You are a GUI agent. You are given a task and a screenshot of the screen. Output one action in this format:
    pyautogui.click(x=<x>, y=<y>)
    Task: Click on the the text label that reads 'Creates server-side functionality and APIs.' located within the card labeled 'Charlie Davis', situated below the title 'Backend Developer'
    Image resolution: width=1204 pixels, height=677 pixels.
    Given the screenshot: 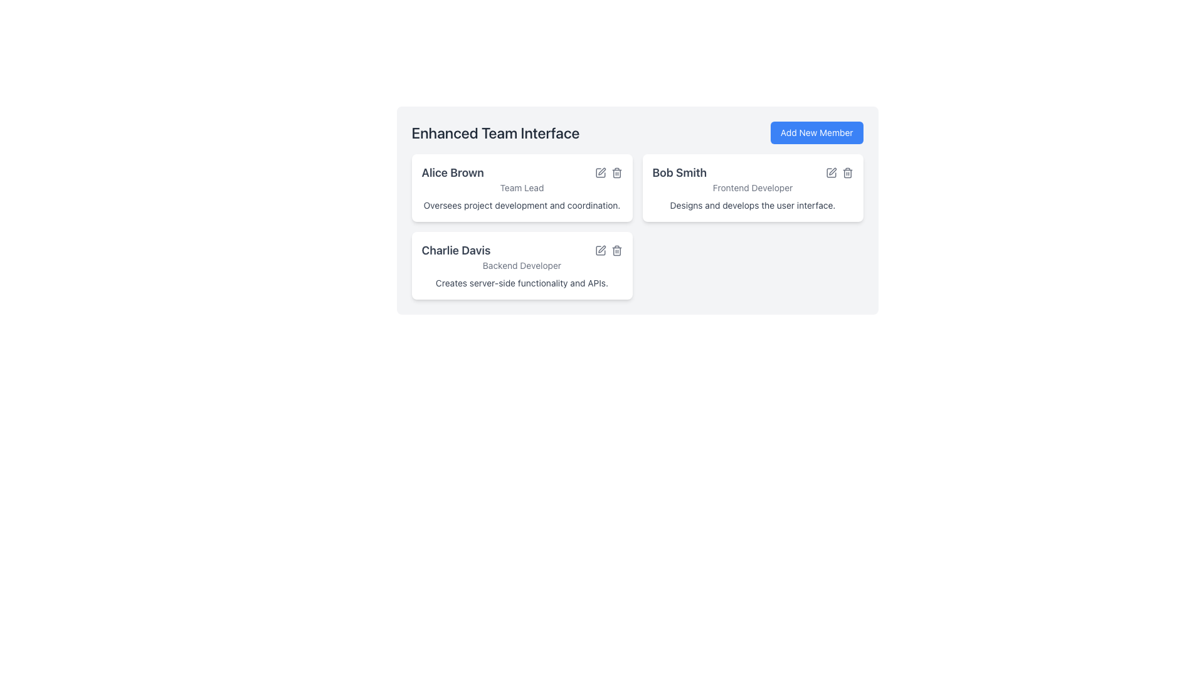 What is the action you would take?
    pyautogui.click(x=522, y=283)
    